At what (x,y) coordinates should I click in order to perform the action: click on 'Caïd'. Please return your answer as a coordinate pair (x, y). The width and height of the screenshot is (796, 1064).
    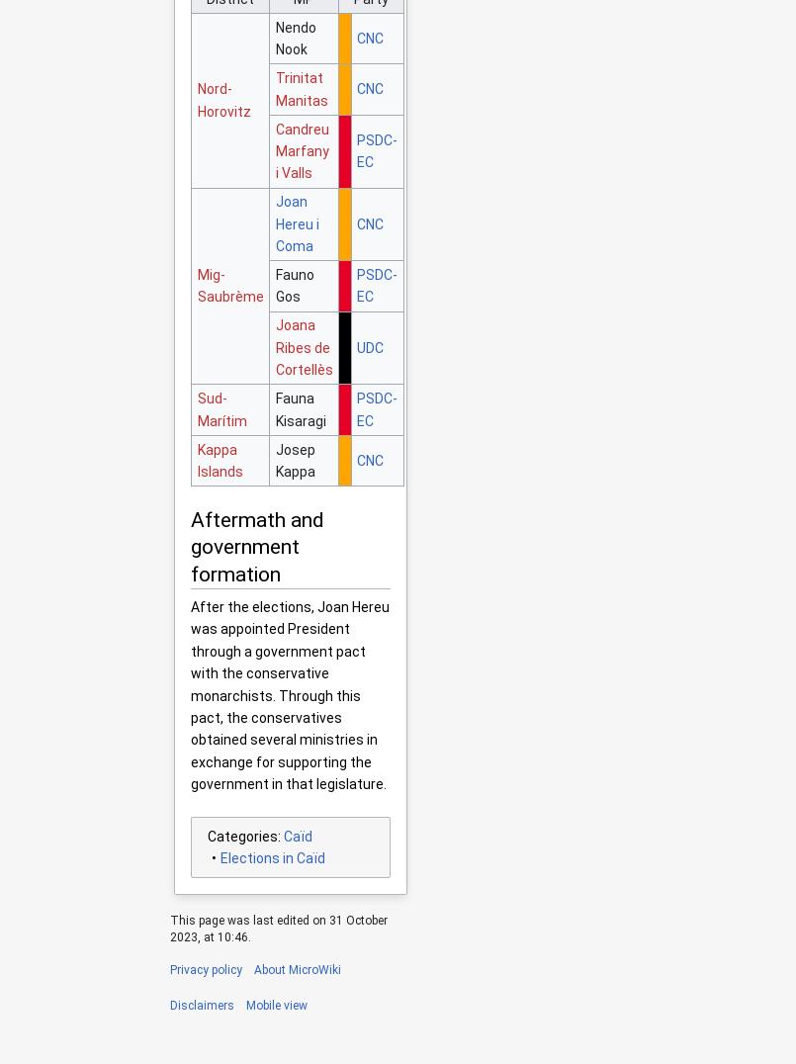
    Looking at the image, I should click on (283, 834).